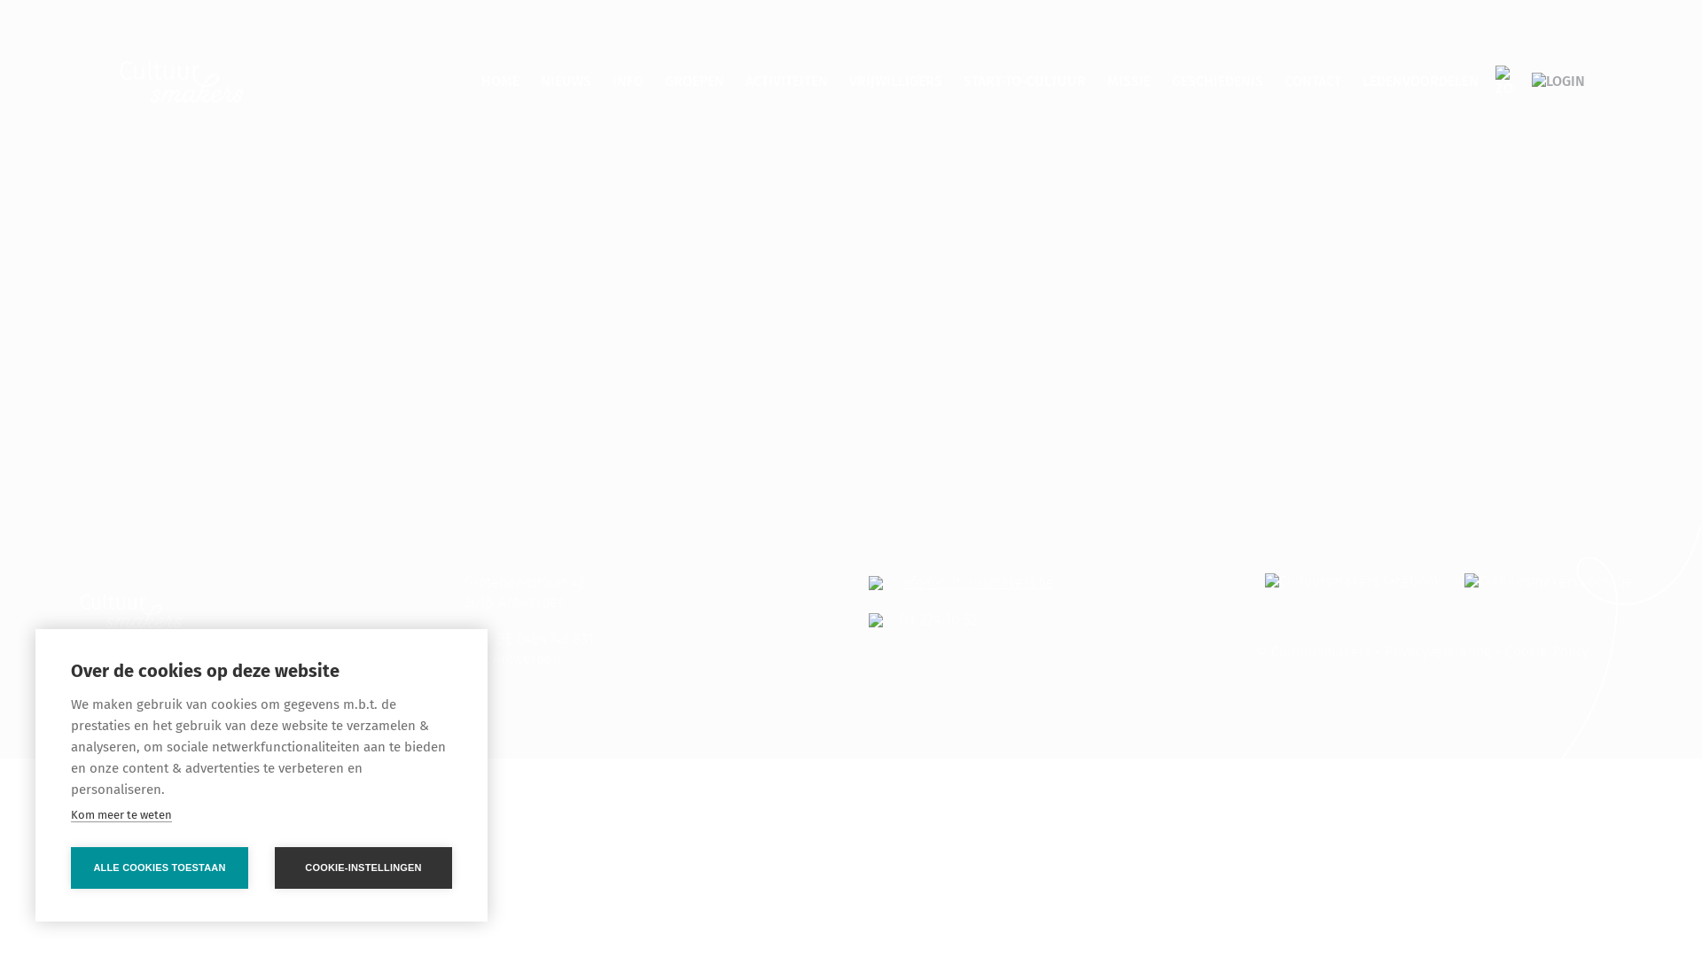 The width and height of the screenshot is (1702, 957). I want to click on 'HOME', so click(499, 81).